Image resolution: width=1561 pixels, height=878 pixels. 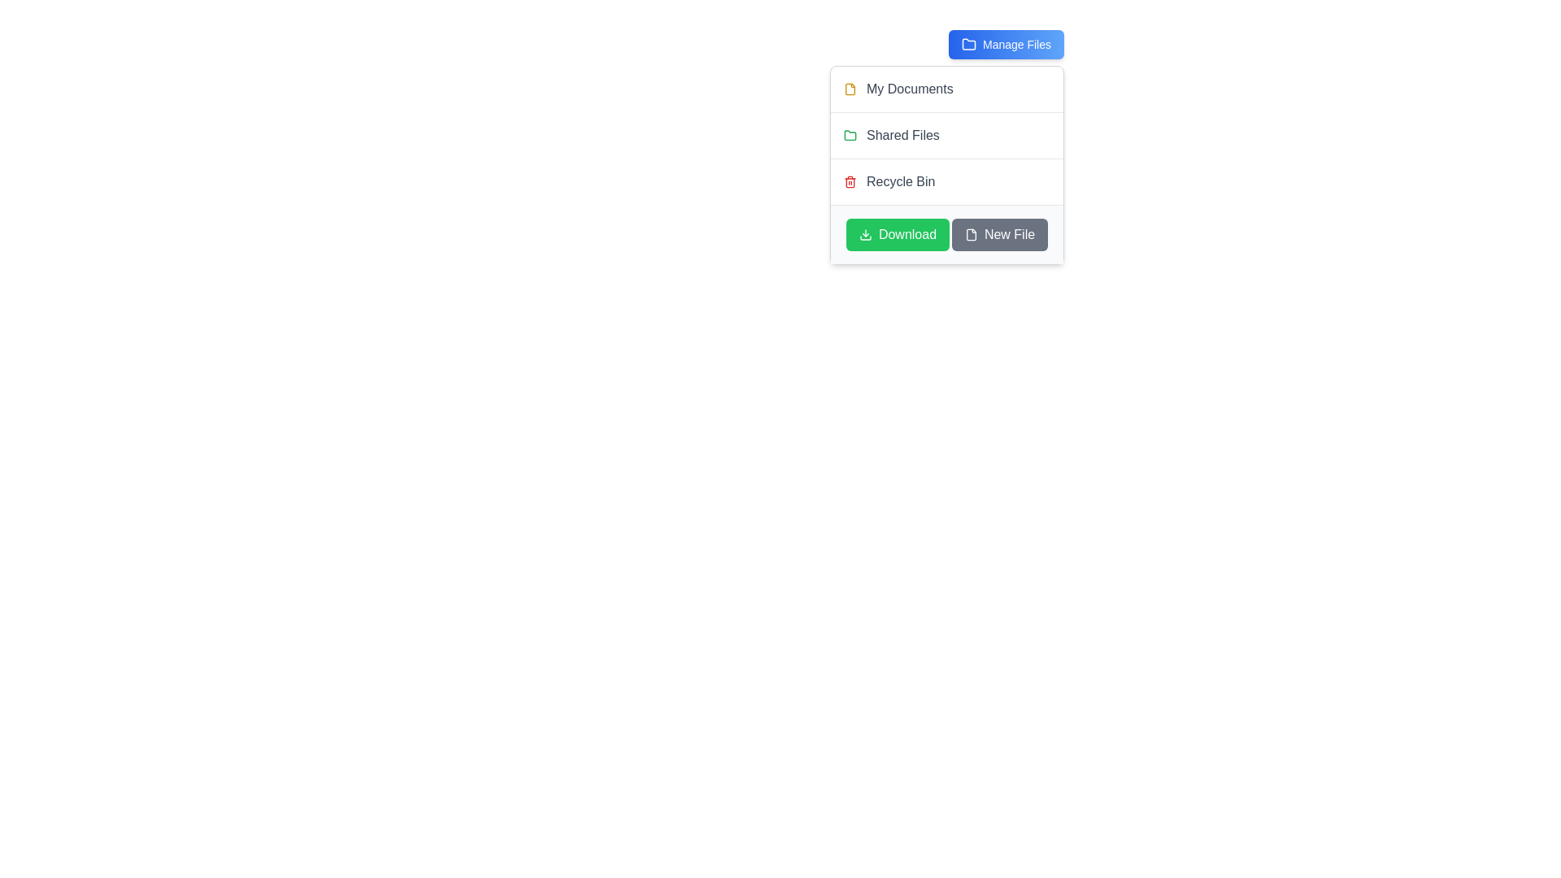 What do you see at coordinates (850, 89) in the screenshot?
I see `the document icon, which is a yellow outlined icon with a folded edge, positioned to the left of the 'My Documents' text` at bounding box center [850, 89].